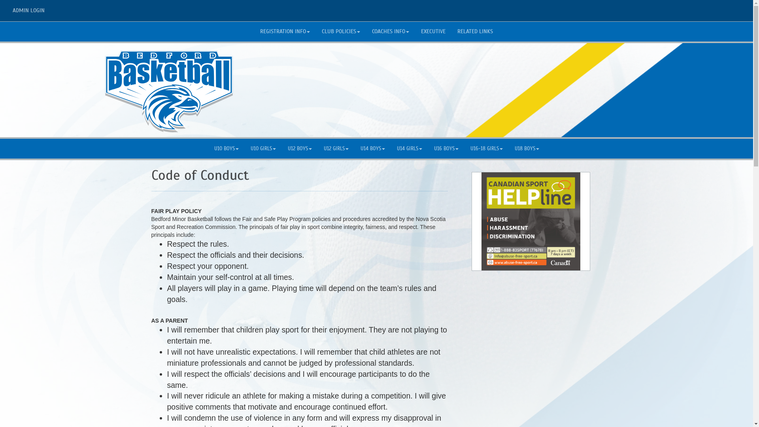  I want to click on 'U12 GIRLS', so click(336, 148).